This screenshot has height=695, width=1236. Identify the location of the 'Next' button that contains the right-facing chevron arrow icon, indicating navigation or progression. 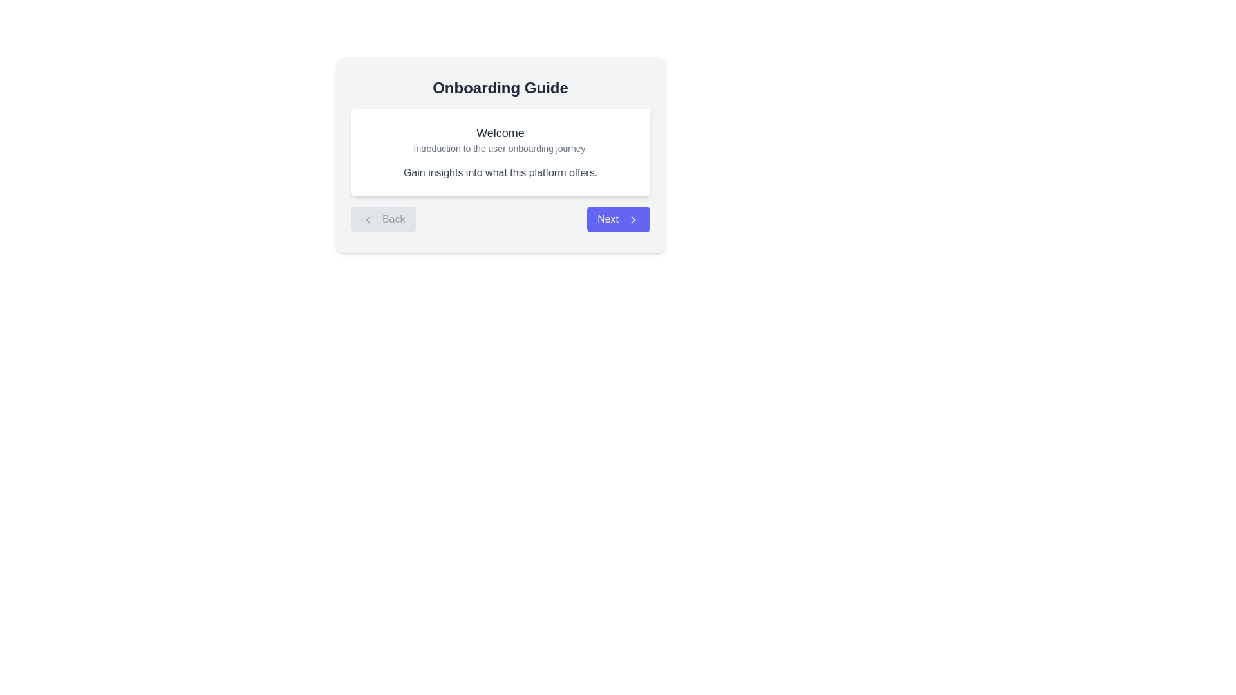
(633, 219).